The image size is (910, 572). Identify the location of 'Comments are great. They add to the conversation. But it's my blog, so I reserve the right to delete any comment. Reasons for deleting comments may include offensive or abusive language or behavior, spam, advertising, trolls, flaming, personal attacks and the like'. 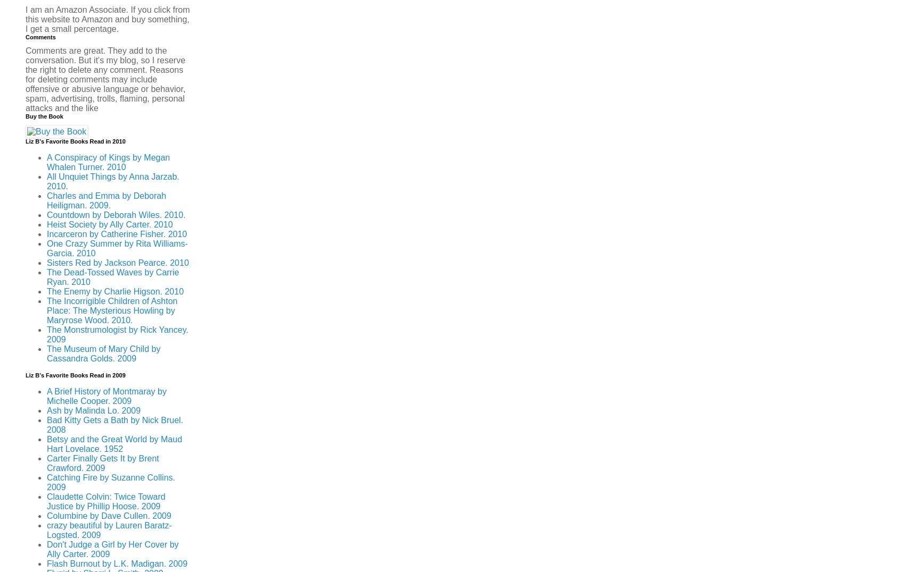
(105, 79).